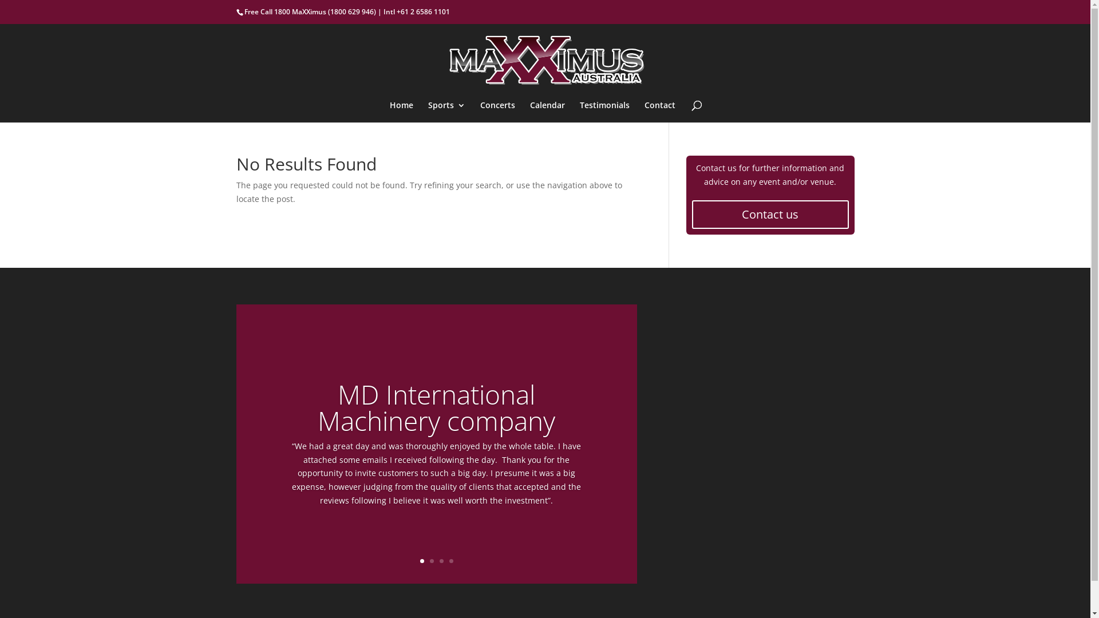 This screenshot has height=618, width=1099. I want to click on 'Contact us', so click(769, 214).